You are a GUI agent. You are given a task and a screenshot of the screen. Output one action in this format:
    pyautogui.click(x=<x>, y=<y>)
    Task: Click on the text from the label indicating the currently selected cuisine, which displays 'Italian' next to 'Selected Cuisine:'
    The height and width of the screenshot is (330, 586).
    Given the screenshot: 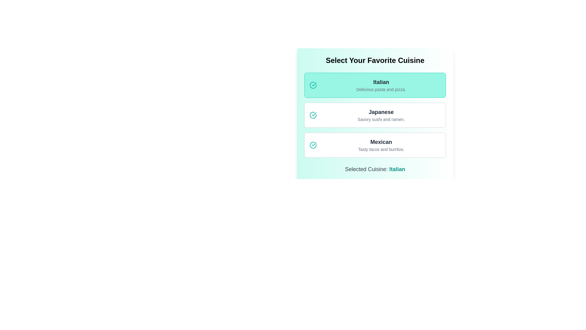 What is the action you would take?
    pyautogui.click(x=397, y=169)
    